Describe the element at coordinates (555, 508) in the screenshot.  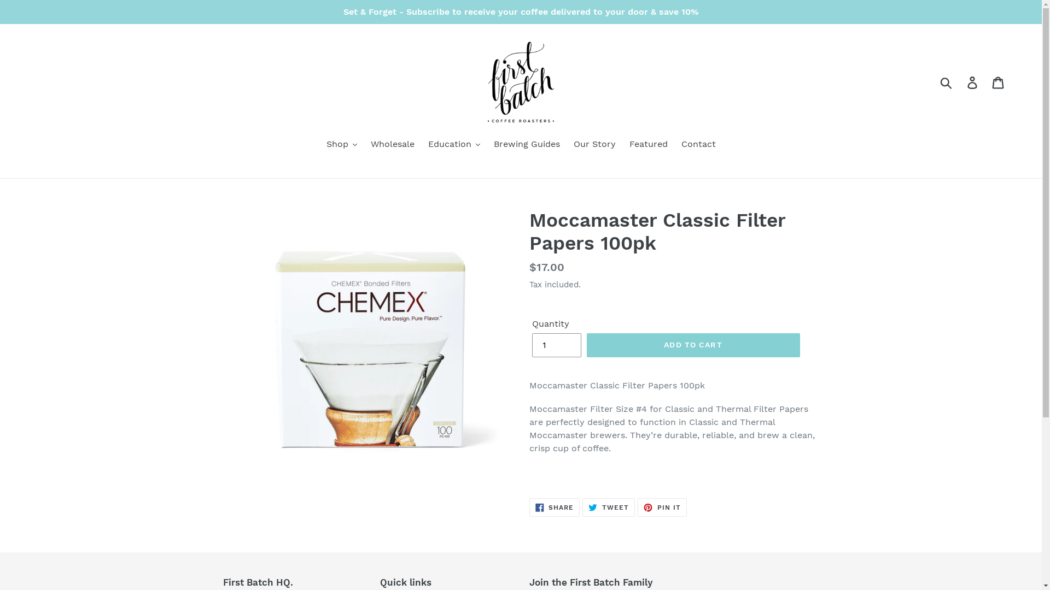
I see `'SHARE` at that location.